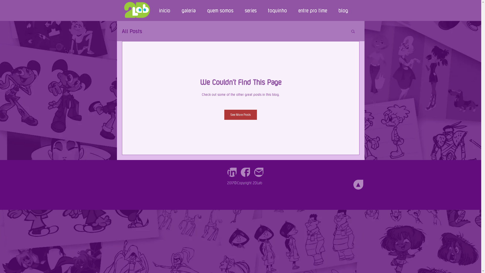 The width and height of the screenshot is (485, 273). I want to click on 'toquinho', so click(277, 10).